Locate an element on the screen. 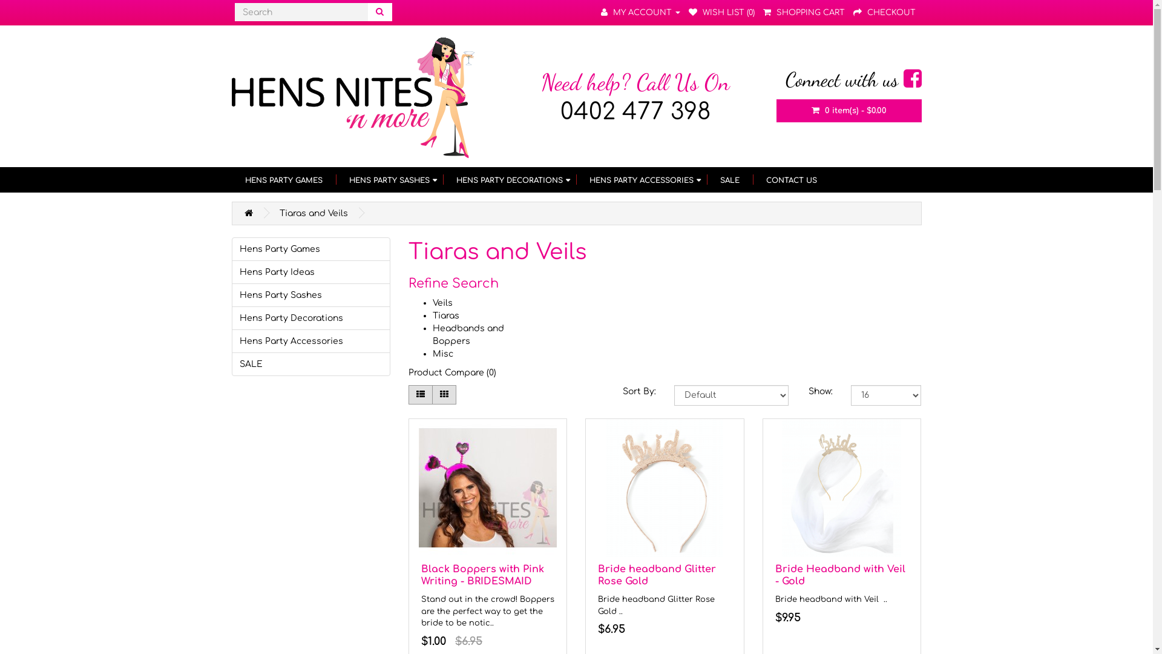  '0402 477 398' is located at coordinates (635, 112).